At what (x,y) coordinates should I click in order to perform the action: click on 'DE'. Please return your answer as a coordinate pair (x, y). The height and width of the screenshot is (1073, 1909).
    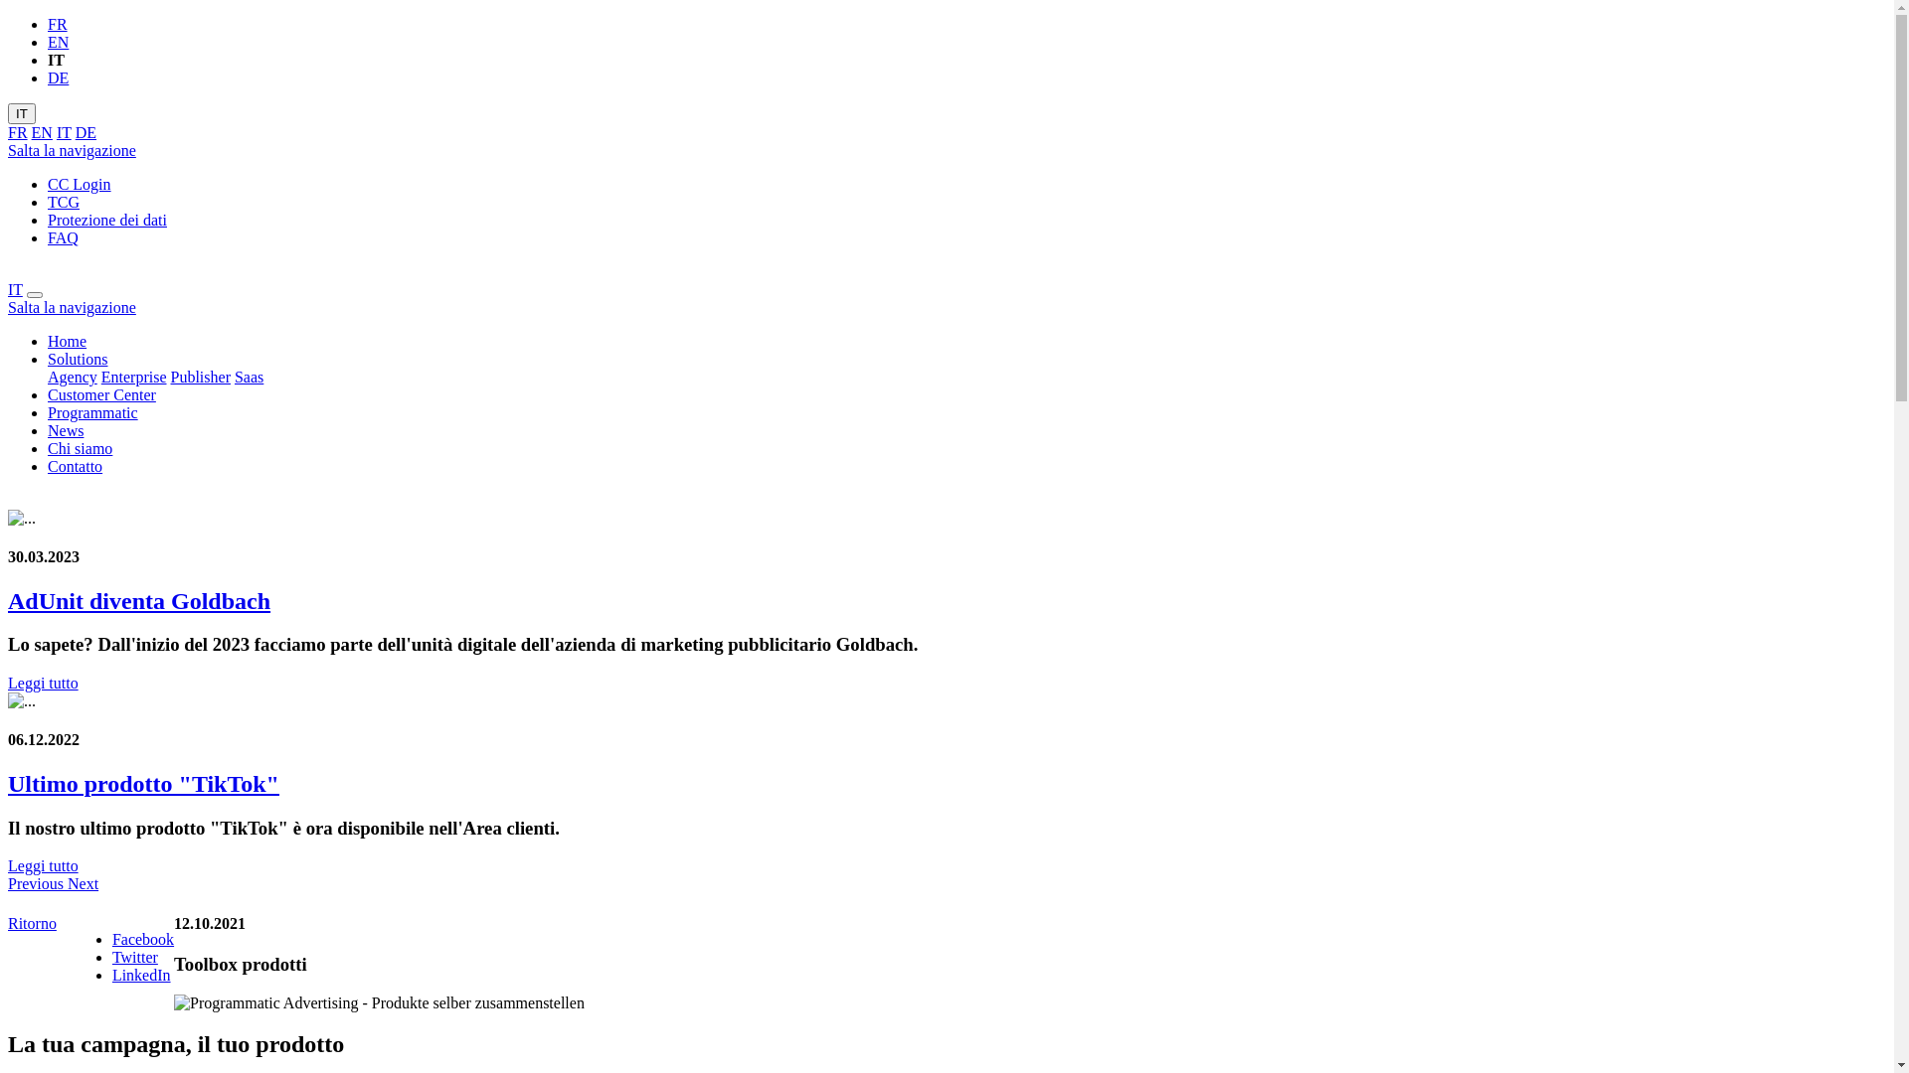
    Looking at the image, I should click on (48, 77).